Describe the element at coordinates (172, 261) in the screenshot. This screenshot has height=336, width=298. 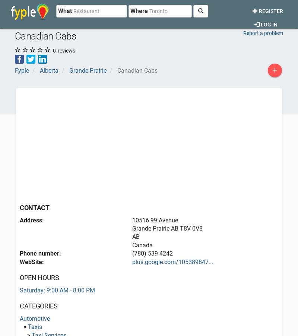
I see `'plus.google.com/105389847...'` at that location.